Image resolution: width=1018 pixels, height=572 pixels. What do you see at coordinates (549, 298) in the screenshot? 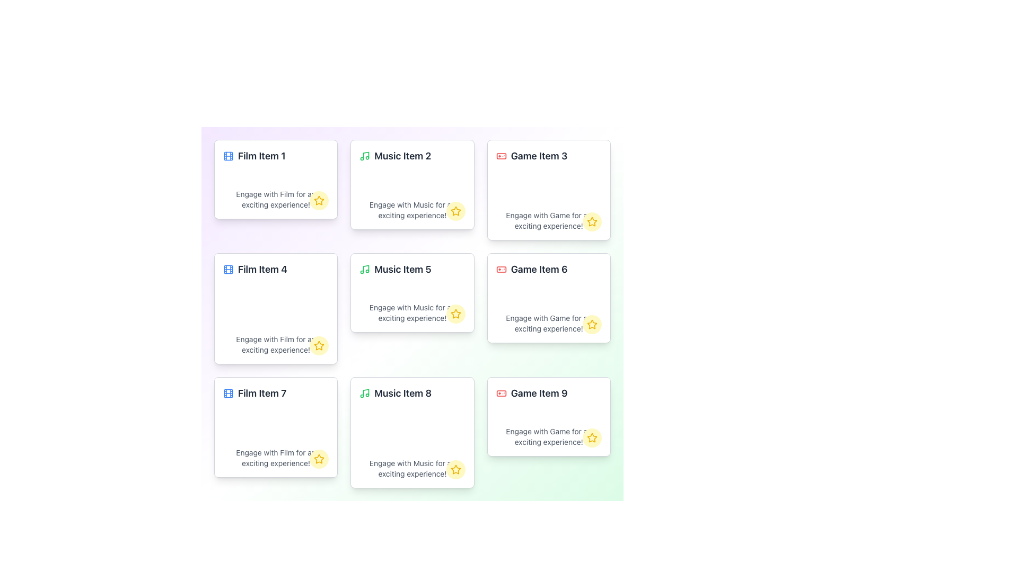
I see `the informational card about 'Game Item 6', which is located in the third row and second column of the grid layout` at bounding box center [549, 298].